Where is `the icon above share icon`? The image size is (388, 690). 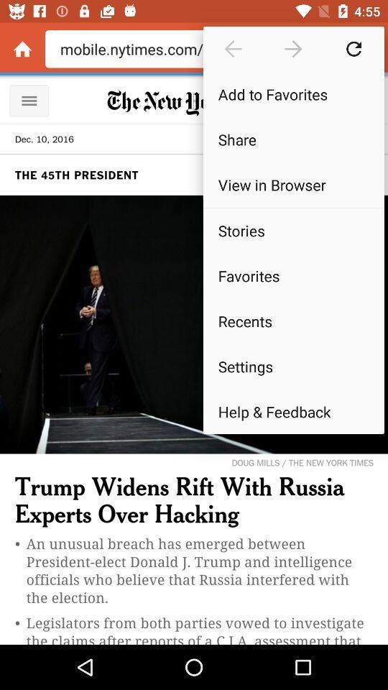
the icon above share icon is located at coordinates (292, 93).